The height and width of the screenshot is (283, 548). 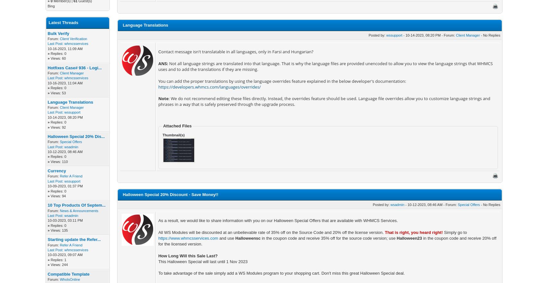 What do you see at coordinates (188, 238) in the screenshot?
I see `'https://www.whmcsservices.com'` at bounding box center [188, 238].